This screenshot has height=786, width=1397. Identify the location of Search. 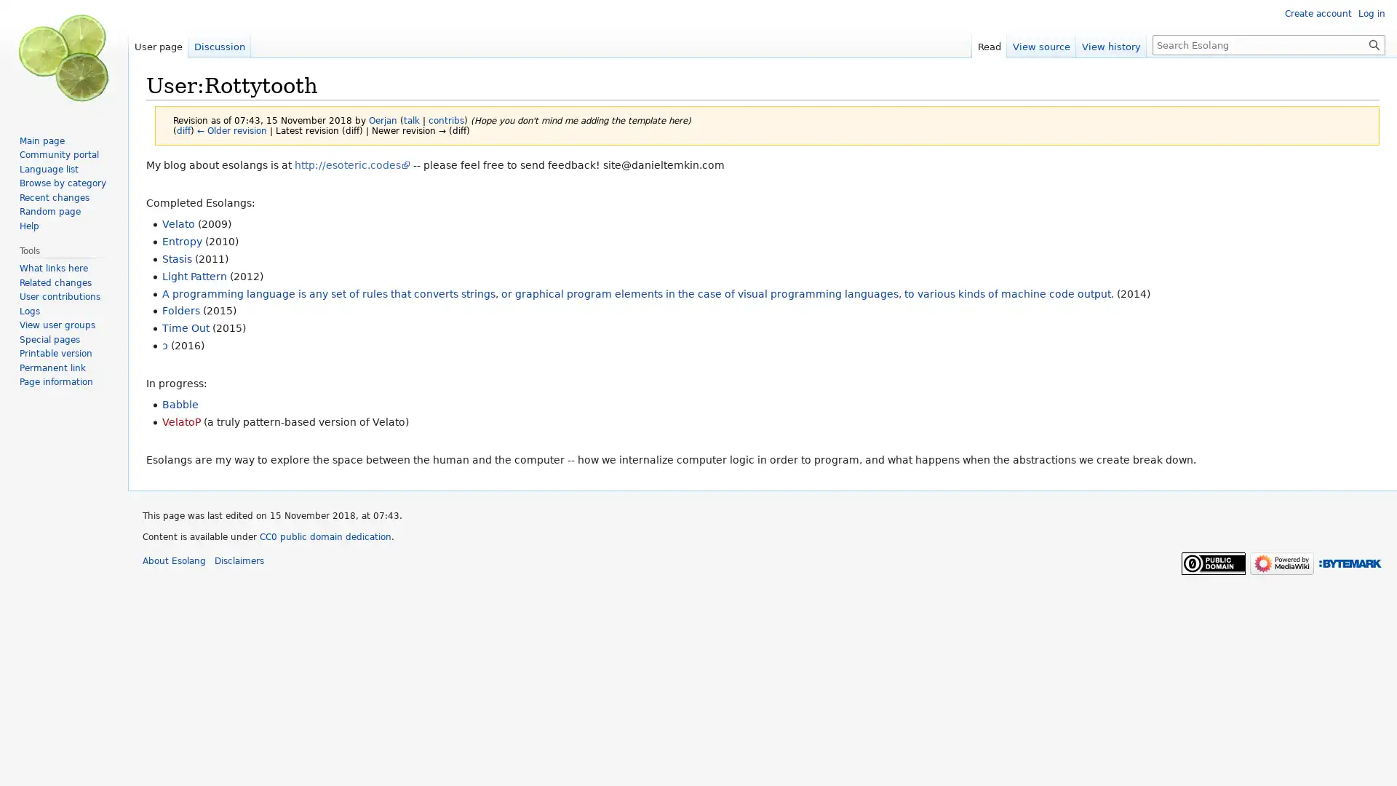
(1374, 44).